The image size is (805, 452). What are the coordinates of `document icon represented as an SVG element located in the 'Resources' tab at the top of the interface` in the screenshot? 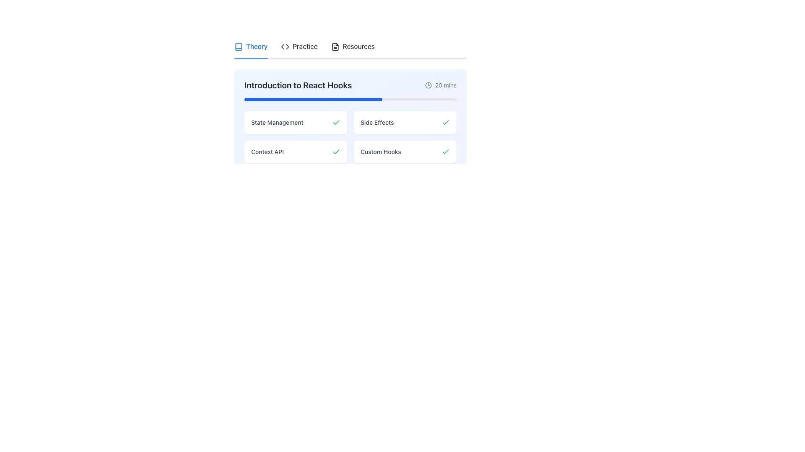 It's located at (335, 46).